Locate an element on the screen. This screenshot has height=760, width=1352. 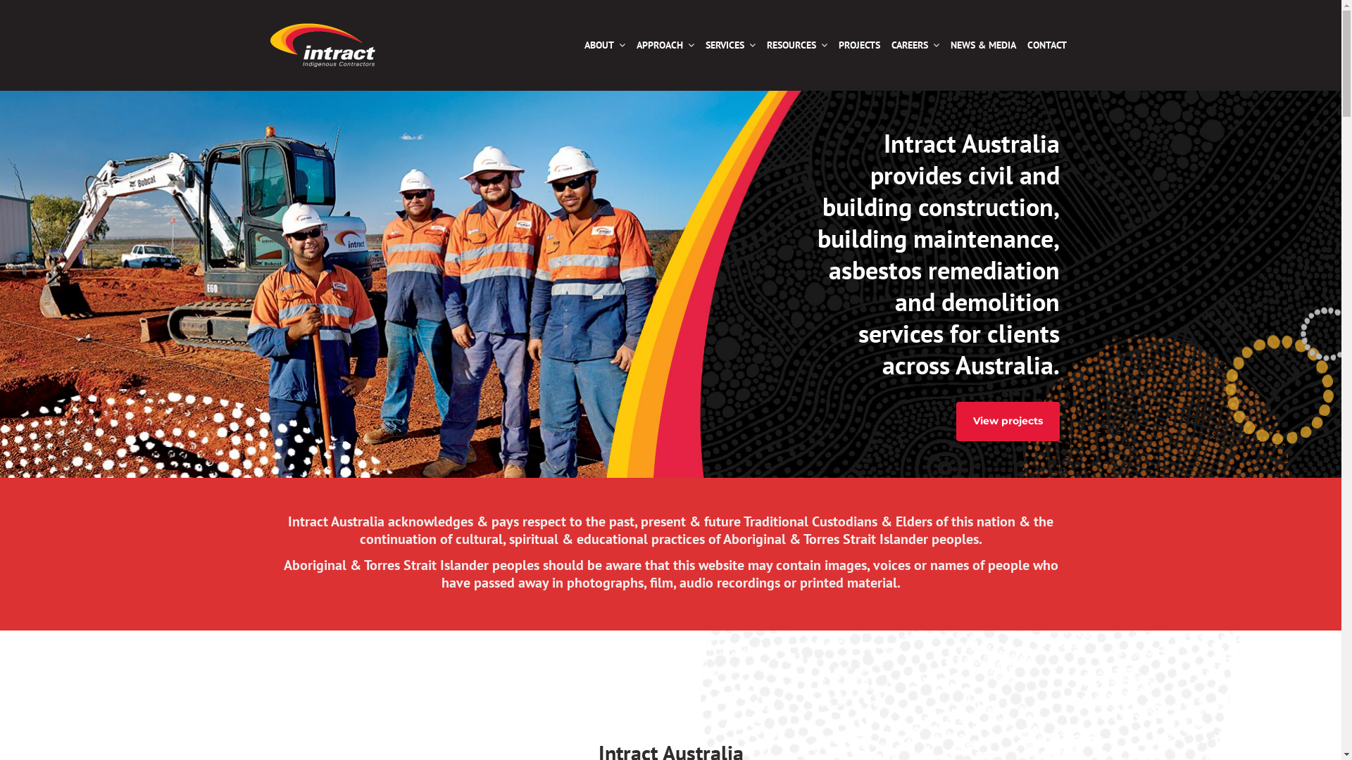
'RESOURCES' is located at coordinates (796, 44).